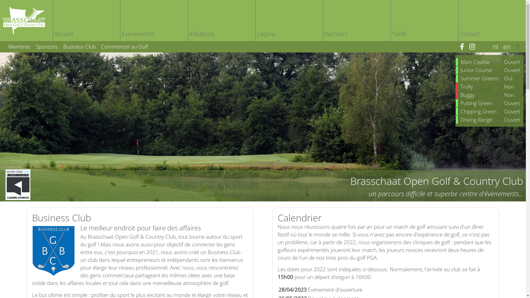 The width and height of the screenshot is (530, 298). What do you see at coordinates (122, 46) in the screenshot?
I see `'Commencer au Golf'` at bounding box center [122, 46].